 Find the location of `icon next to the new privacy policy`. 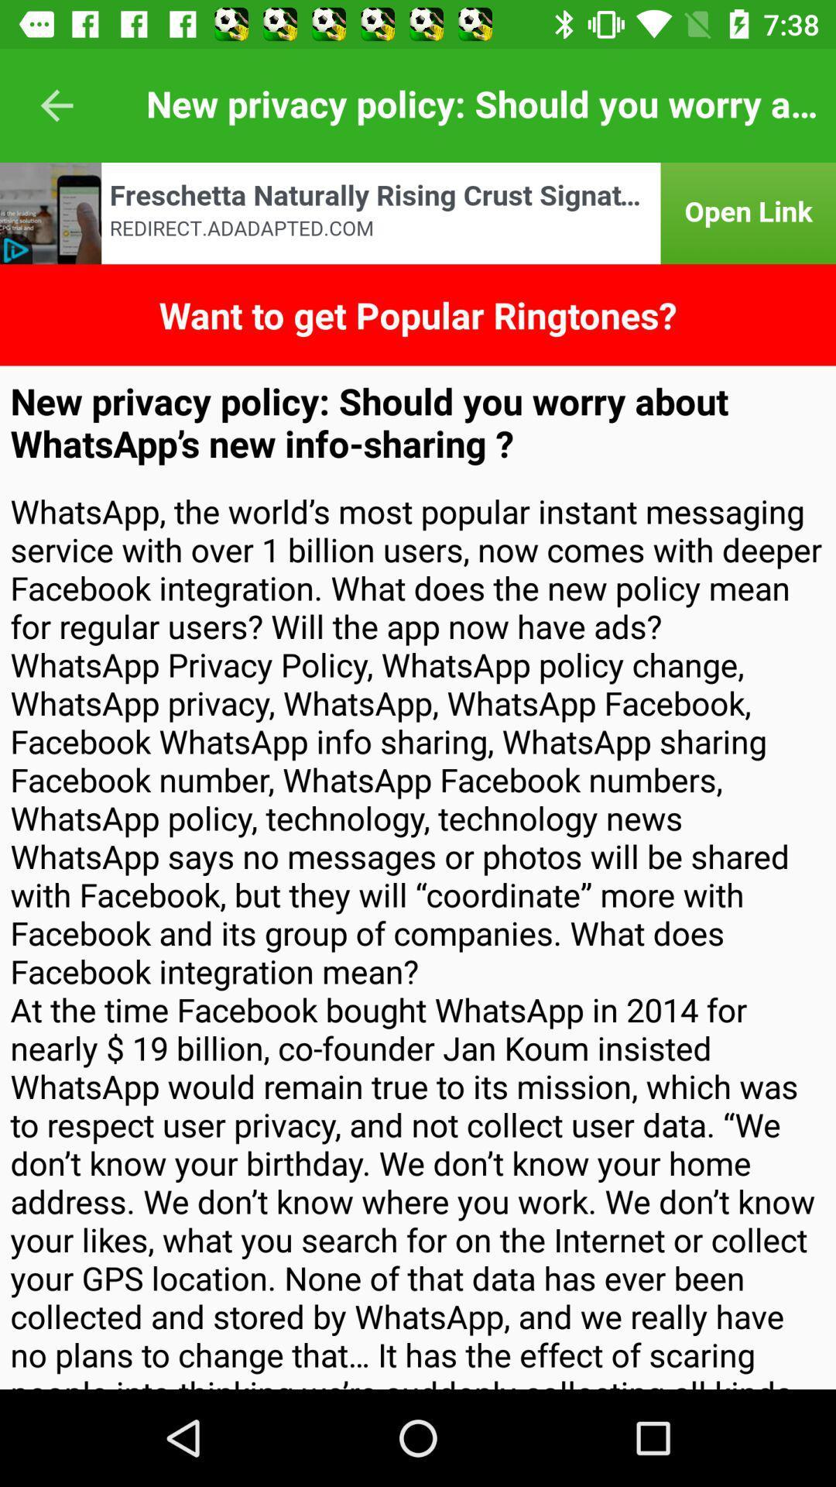

icon next to the new privacy policy is located at coordinates (56, 105).